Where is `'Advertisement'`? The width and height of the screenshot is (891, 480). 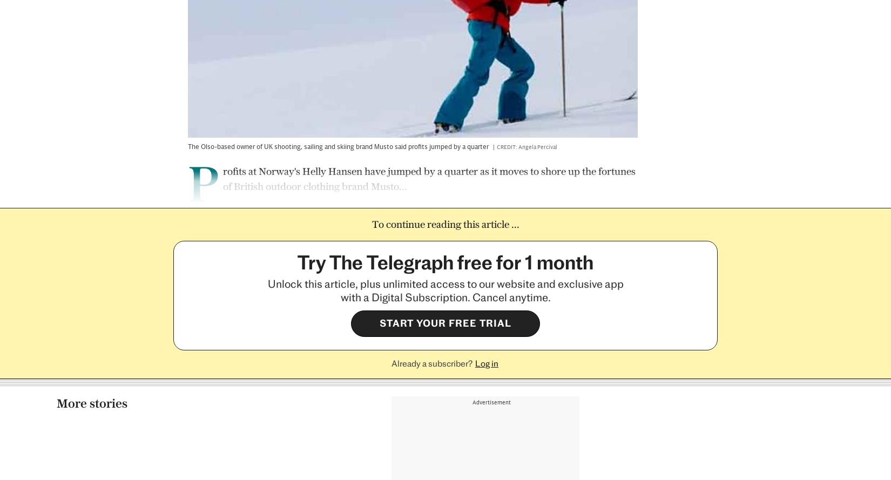
'Advertisement' is located at coordinates (491, 69).